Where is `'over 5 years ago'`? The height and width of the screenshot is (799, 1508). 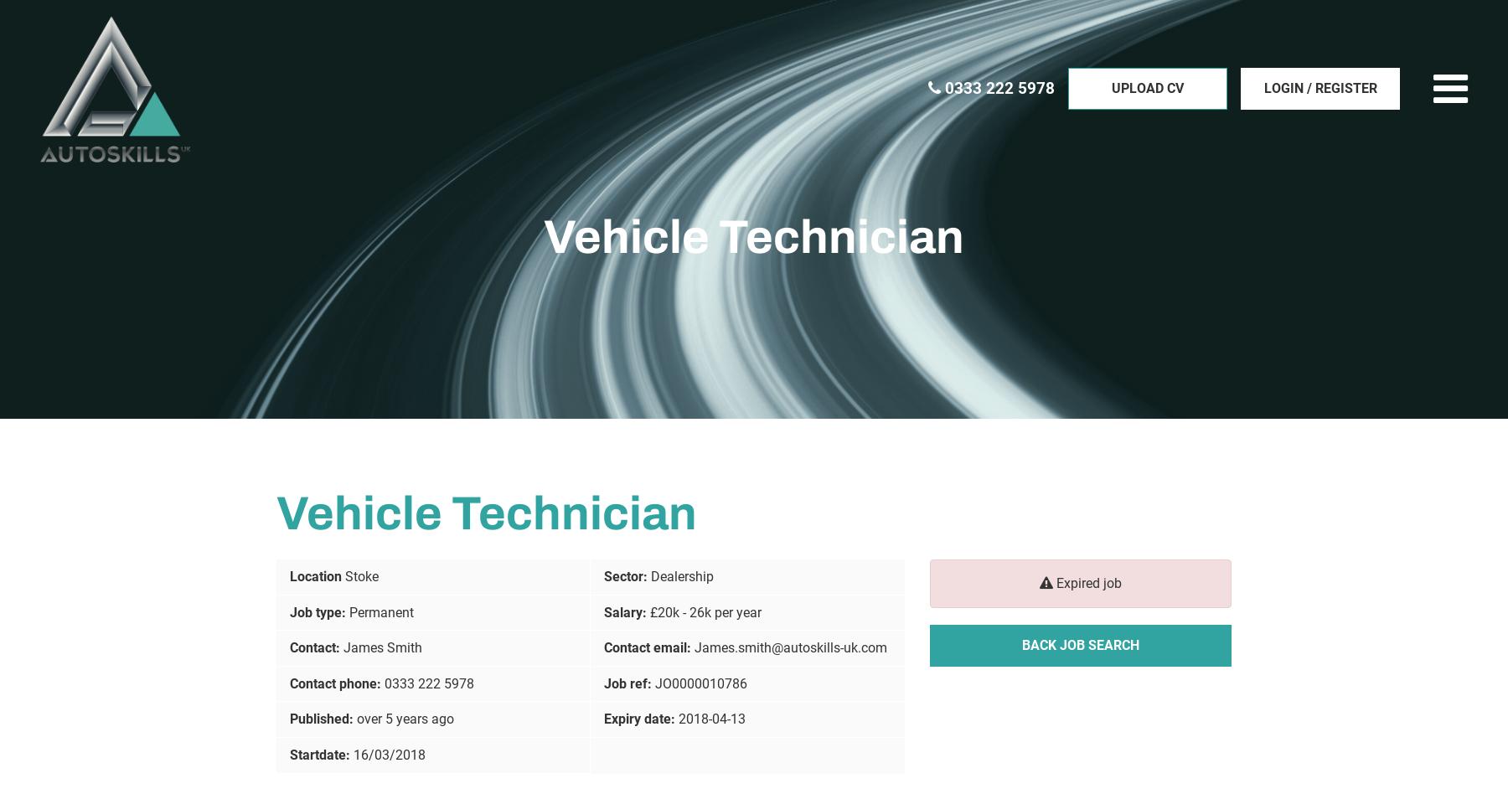
'over 5 years ago' is located at coordinates (405, 719).